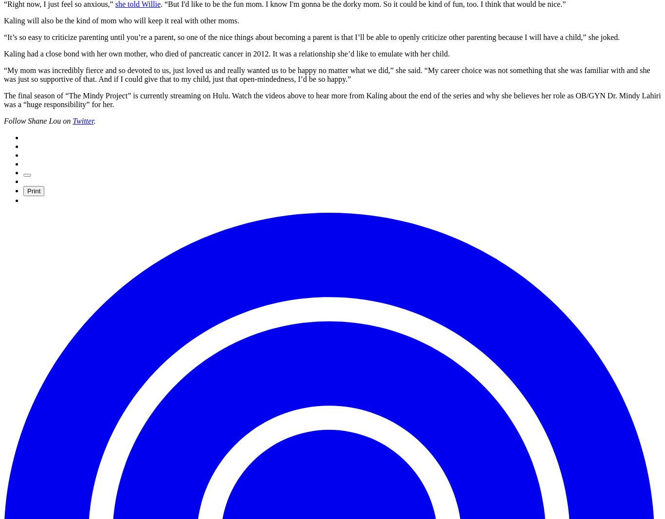  What do you see at coordinates (38, 120) in the screenshot?
I see `'Follow Shane Lou on'` at bounding box center [38, 120].